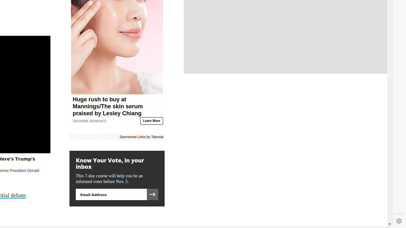 The height and width of the screenshot is (228, 406). What do you see at coordinates (398, 220) in the screenshot?
I see `'Settings'` at bounding box center [398, 220].